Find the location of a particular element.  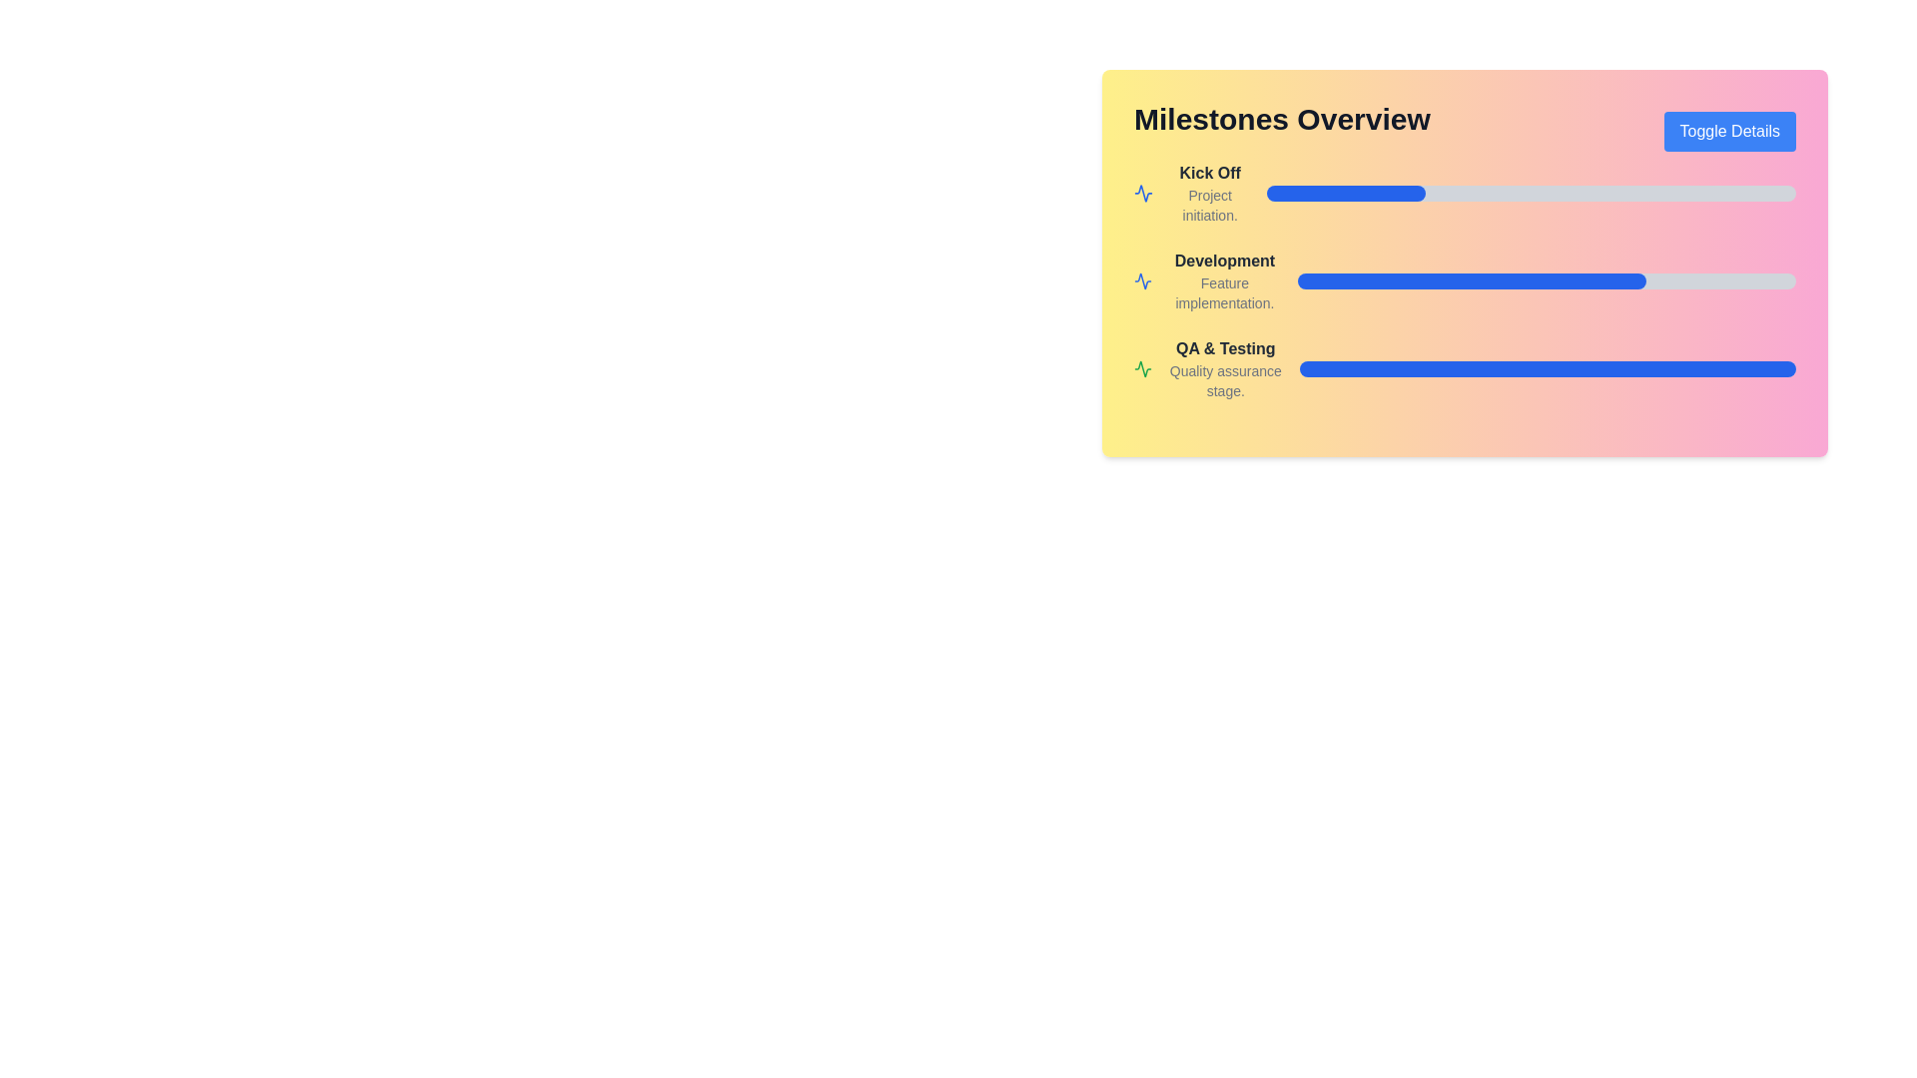

the descriptive Text label located below the 'Development' title in the 'Milestones Overview' section is located at coordinates (1223, 292).